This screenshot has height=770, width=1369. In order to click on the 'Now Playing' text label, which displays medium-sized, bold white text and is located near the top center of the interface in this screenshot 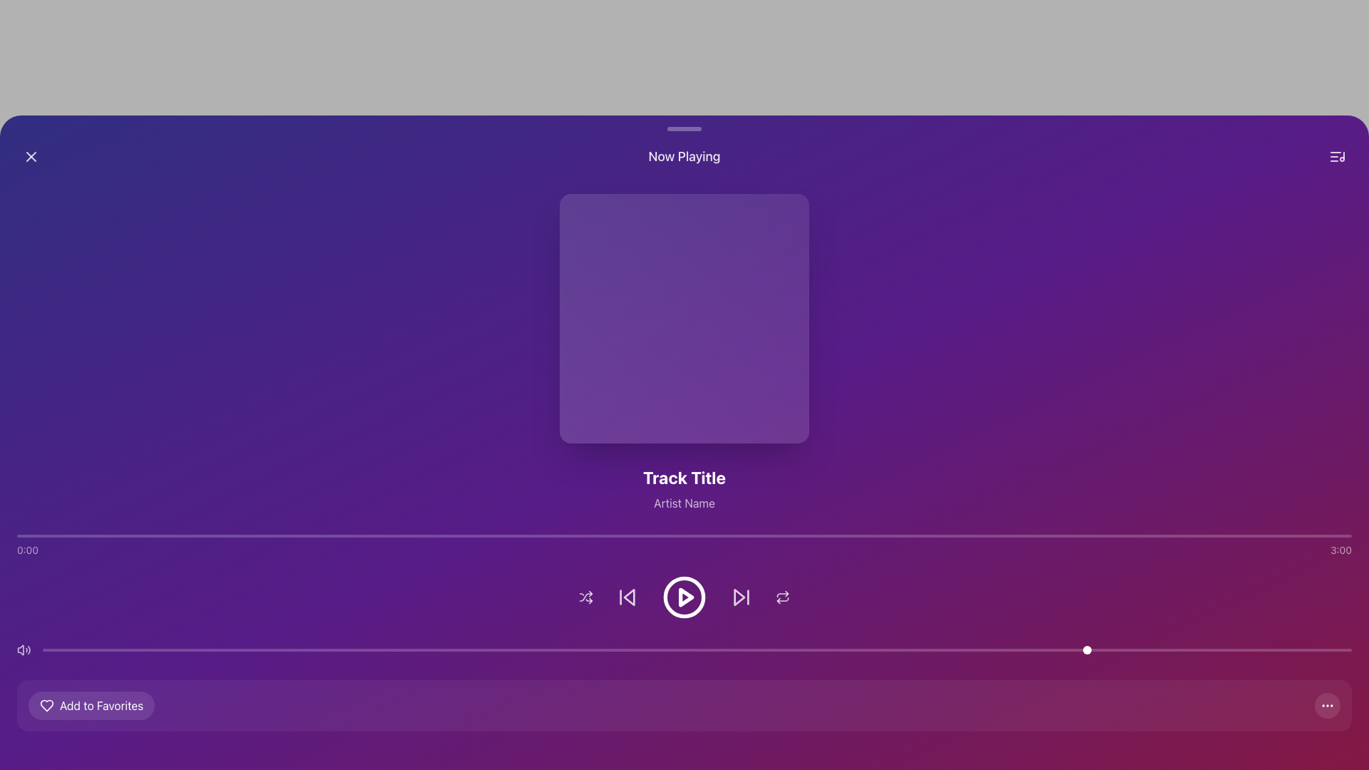, I will do `click(684, 156)`.